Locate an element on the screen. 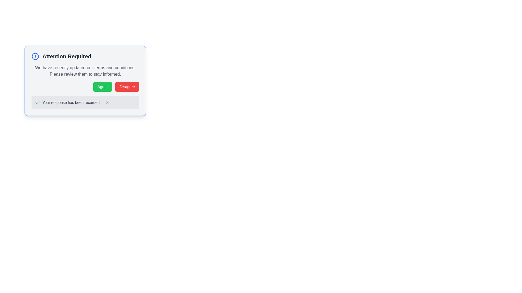  the 'Agree' button, which is part of a button group in a modal containing terms and conditions, to accept the terms is located at coordinates (85, 87).